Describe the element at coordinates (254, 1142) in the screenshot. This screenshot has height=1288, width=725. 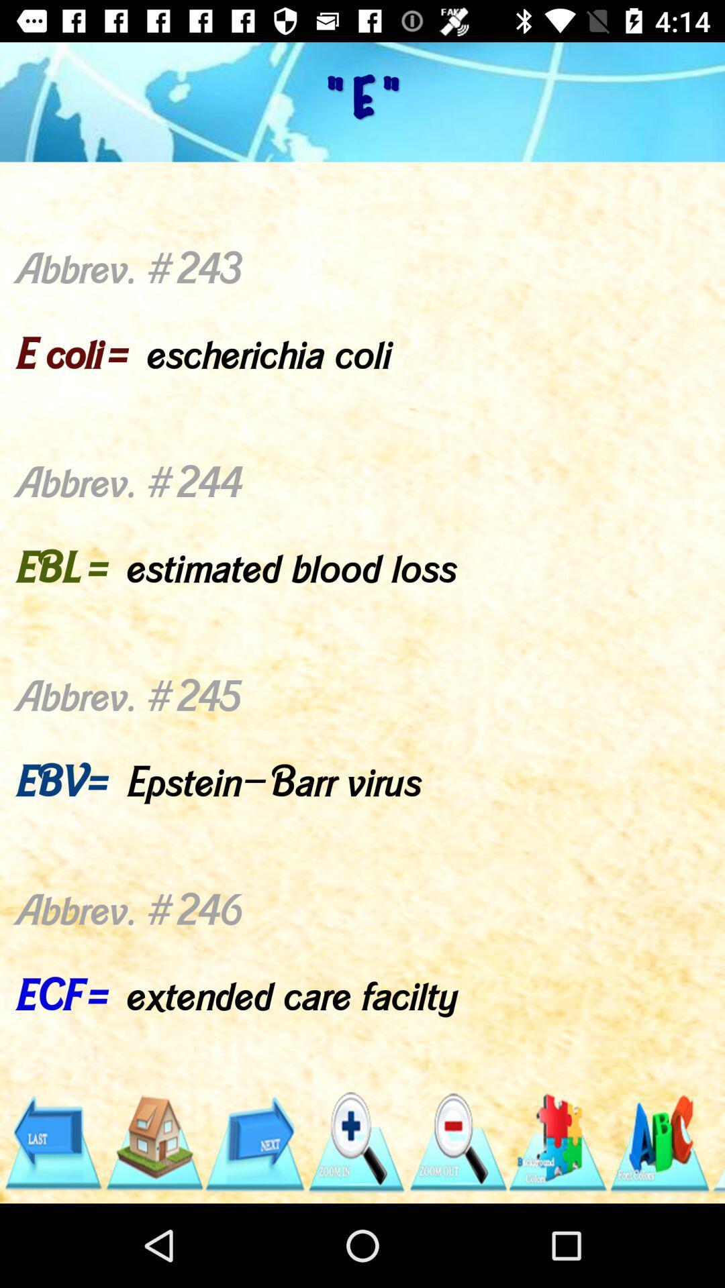
I see `next page` at that location.